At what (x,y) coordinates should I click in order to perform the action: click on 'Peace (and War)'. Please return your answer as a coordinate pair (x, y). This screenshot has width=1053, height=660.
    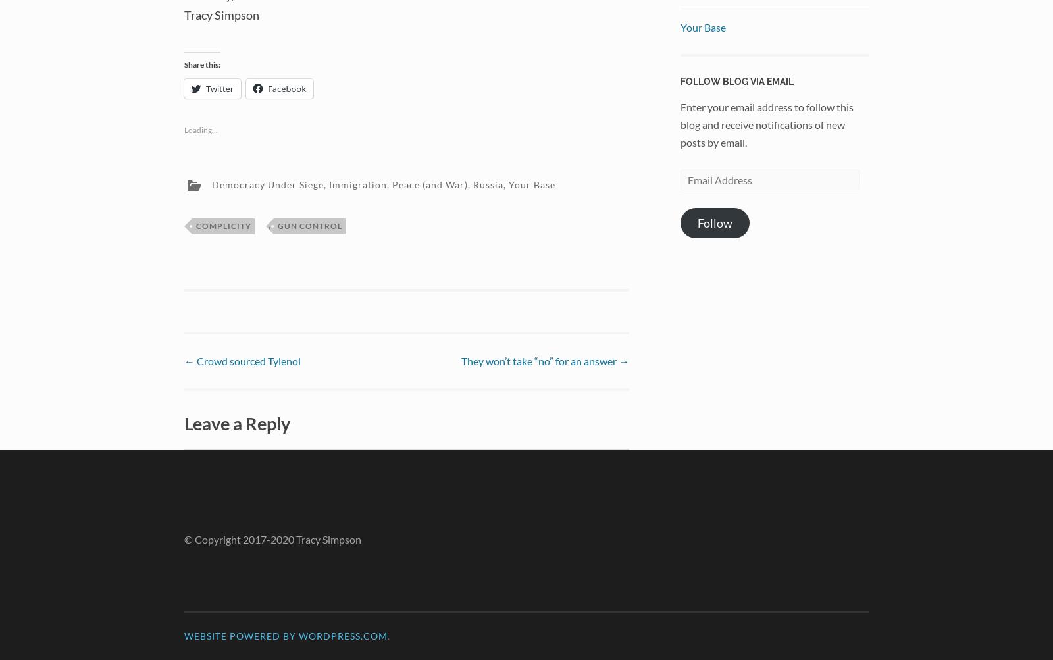
    Looking at the image, I should click on (430, 184).